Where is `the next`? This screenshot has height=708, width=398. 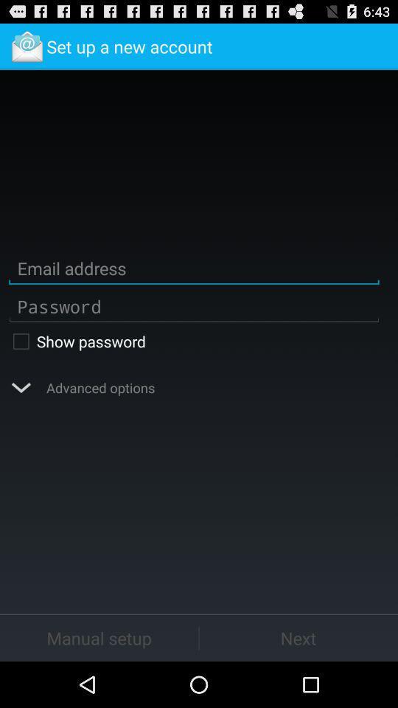 the next is located at coordinates (298, 637).